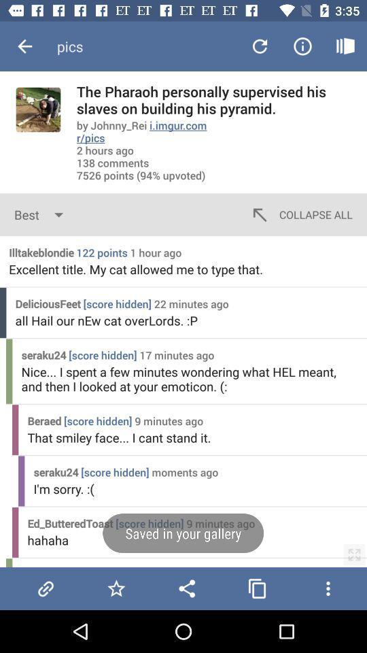 This screenshot has height=653, width=367. What do you see at coordinates (116, 588) in the screenshot?
I see `save` at bounding box center [116, 588].